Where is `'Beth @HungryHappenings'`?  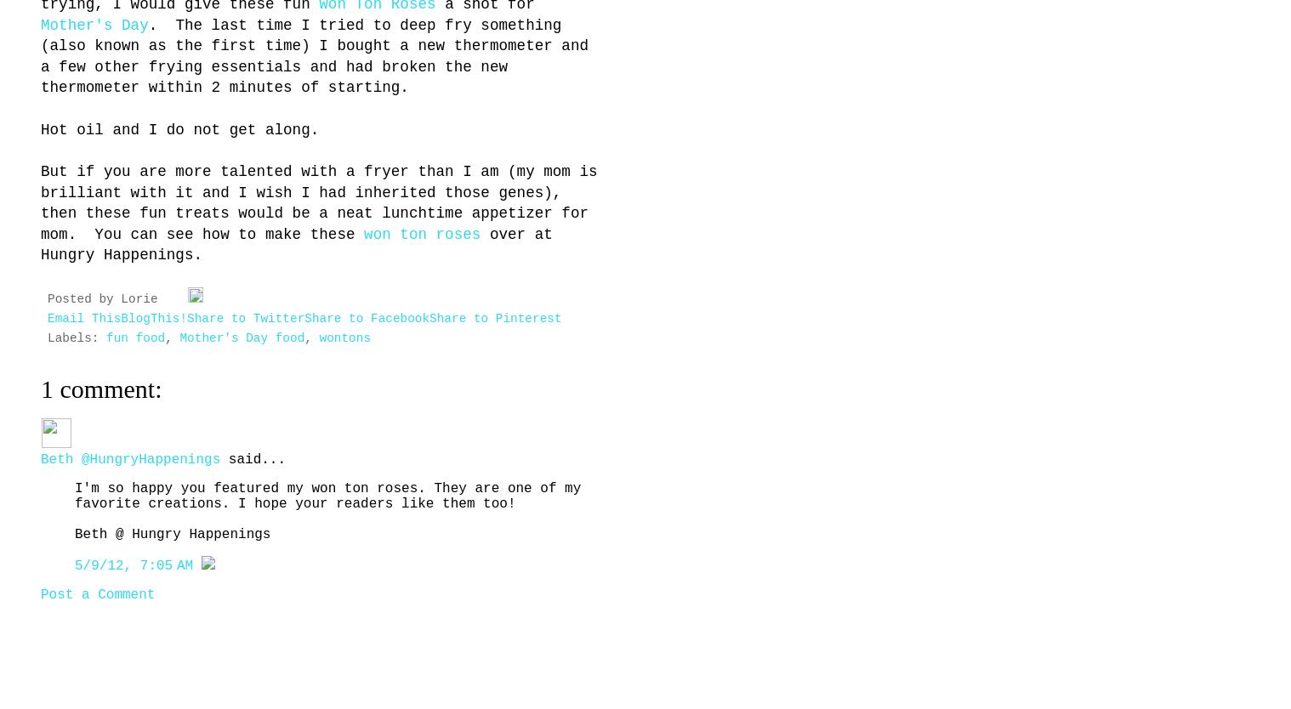
'Beth @HungryHappenings' is located at coordinates (130, 459).